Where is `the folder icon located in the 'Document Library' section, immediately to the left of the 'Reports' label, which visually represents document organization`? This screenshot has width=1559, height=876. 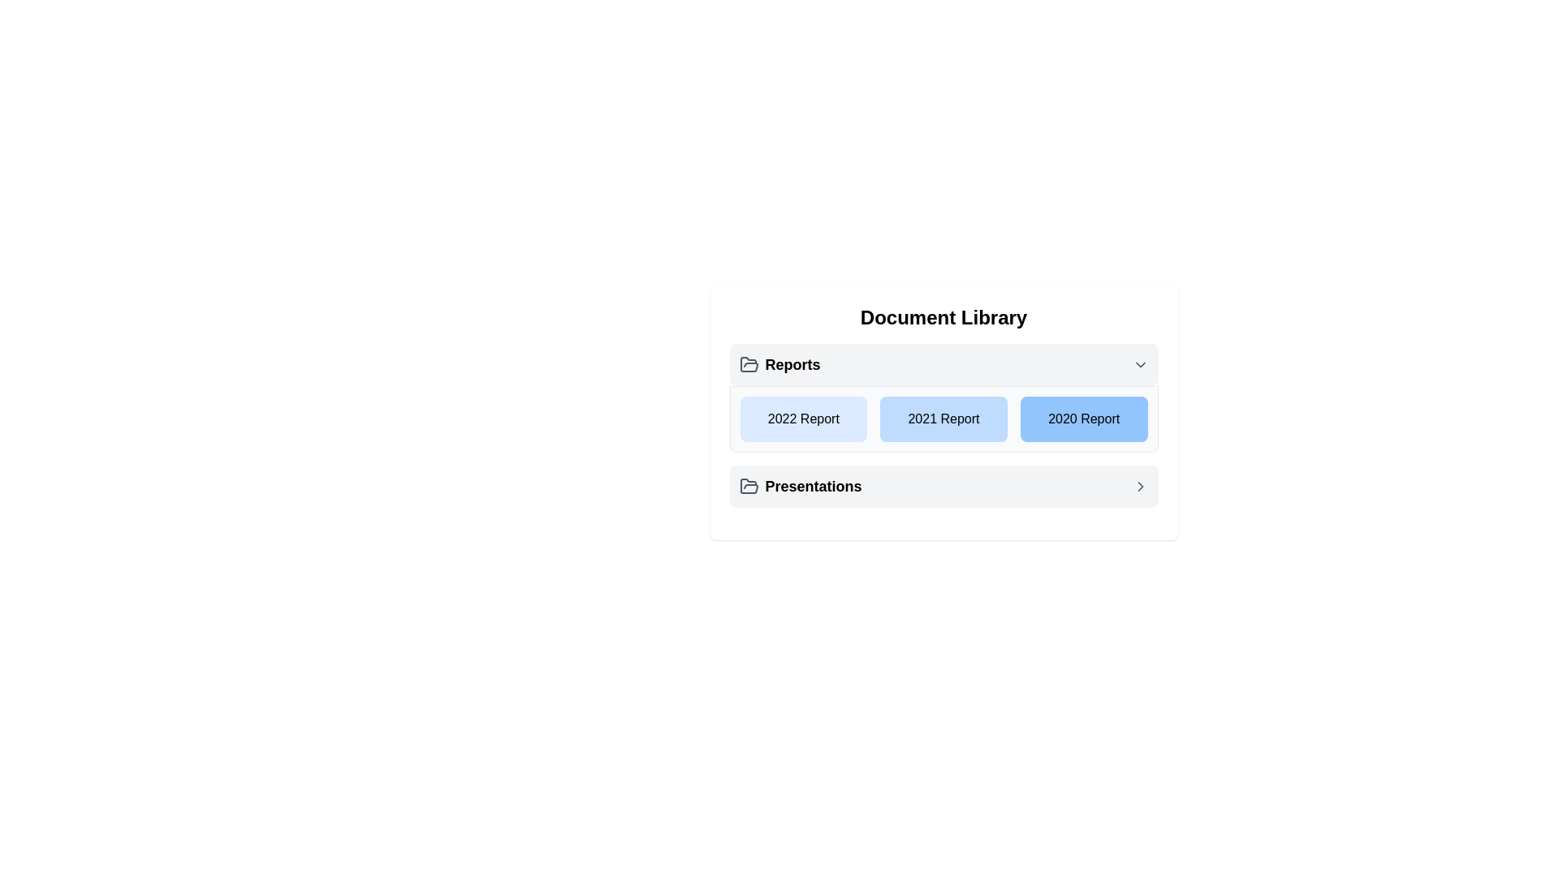
the folder icon located in the 'Document Library' section, immediately to the left of the 'Reports' label, which visually represents document organization is located at coordinates (748, 365).